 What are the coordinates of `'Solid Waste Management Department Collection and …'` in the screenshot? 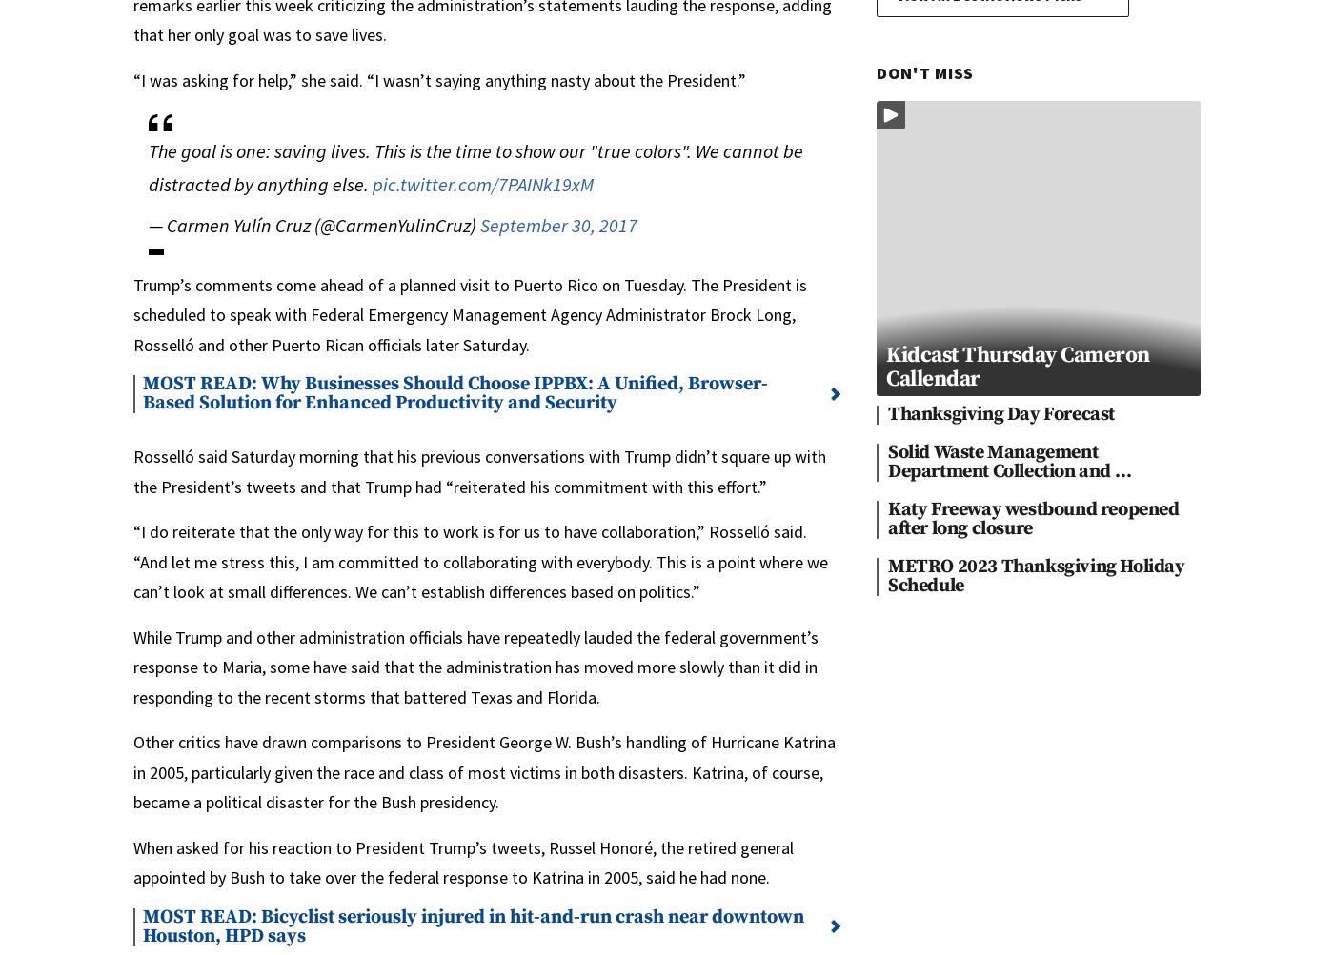 It's located at (887, 462).